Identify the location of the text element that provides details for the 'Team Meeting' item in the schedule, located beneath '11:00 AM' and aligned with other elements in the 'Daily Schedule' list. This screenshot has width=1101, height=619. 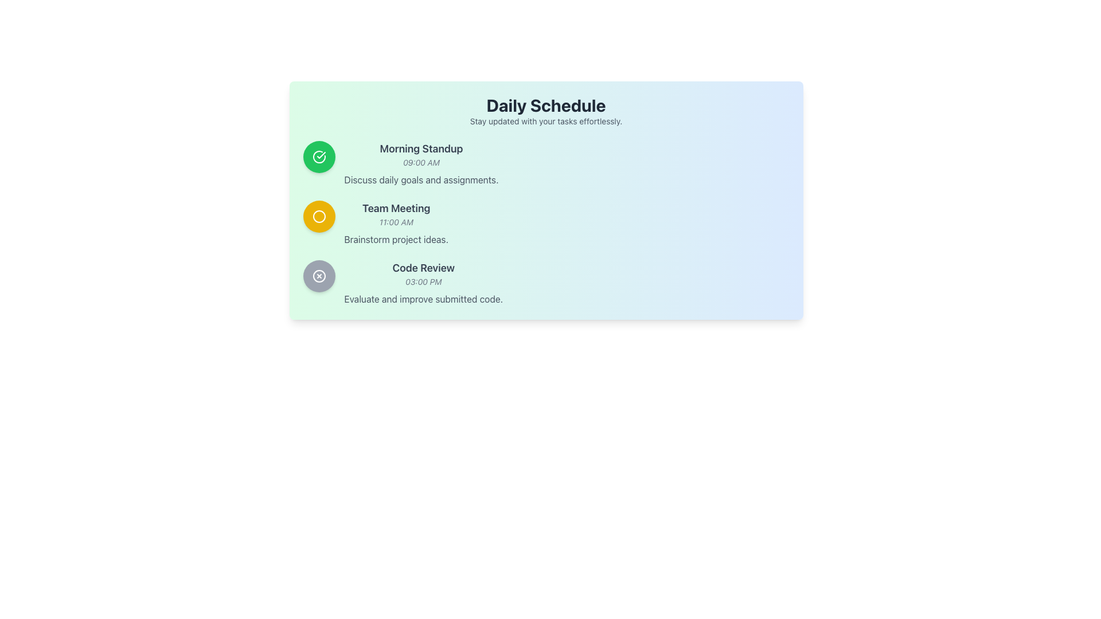
(396, 238).